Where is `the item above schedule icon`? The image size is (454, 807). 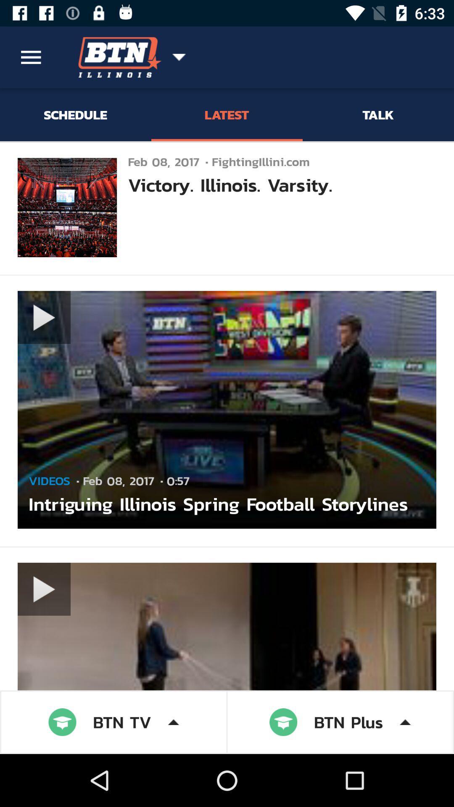 the item above schedule icon is located at coordinates (30, 57).